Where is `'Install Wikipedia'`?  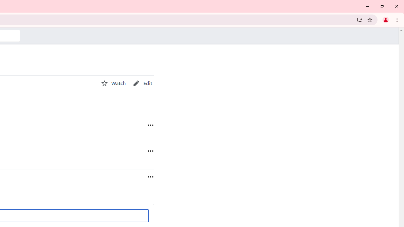 'Install Wikipedia' is located at coordinates (359, 19).